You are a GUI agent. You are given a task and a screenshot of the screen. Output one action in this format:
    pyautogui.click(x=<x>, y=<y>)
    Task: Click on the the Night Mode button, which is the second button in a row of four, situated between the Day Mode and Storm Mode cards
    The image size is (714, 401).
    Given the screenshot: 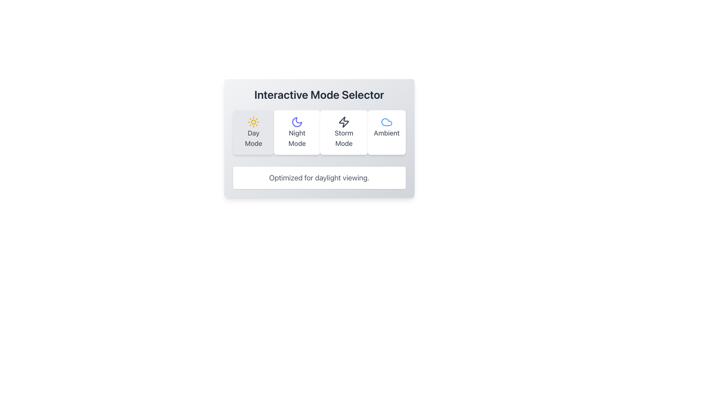 What is the action you would take?
    pyautogui.click(x=297, y=132)
    